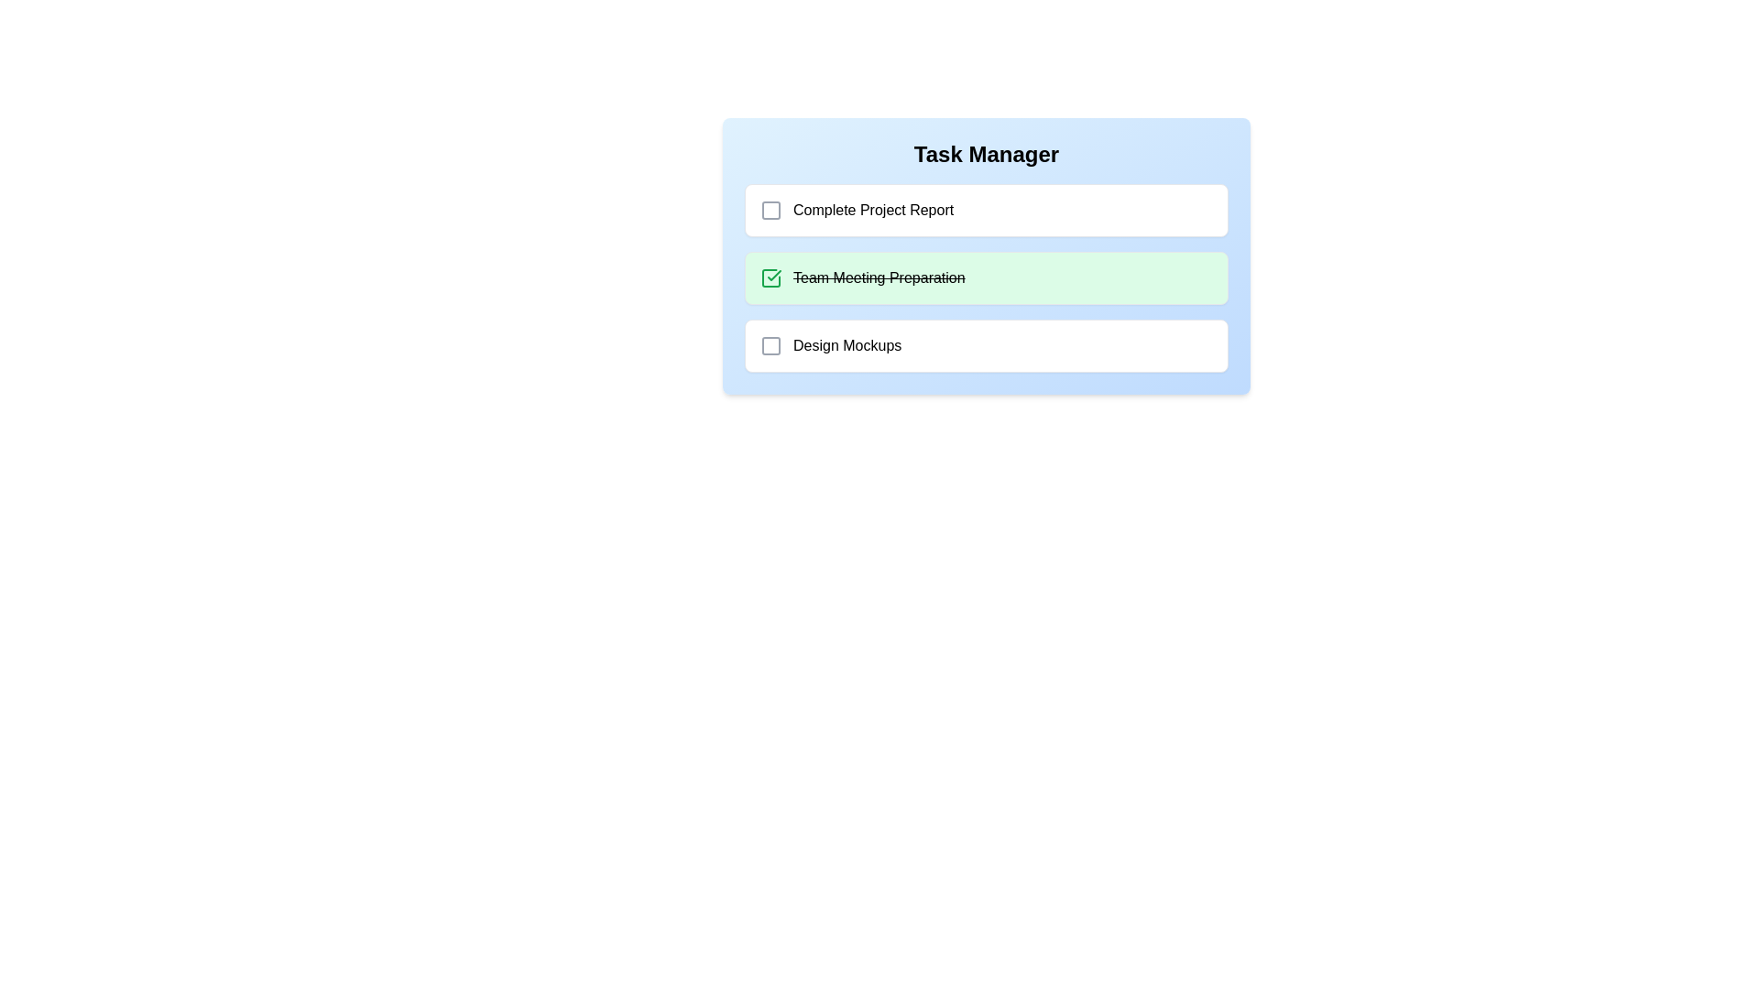  What do you see at coordinates (872, 210) in the screenshot?
I see `the text label that says 'Complete Project Report', which is styled with medium font weight and is located to the right of a checkbox icon in the task list` at bounding box center [872, 210].